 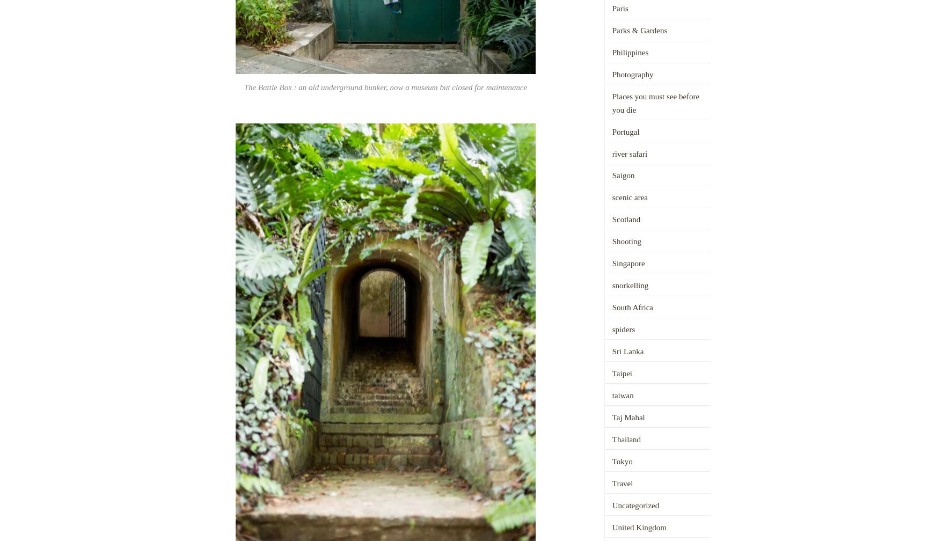 I want to click on 'United Kingdom', so click(x=639, y=527).